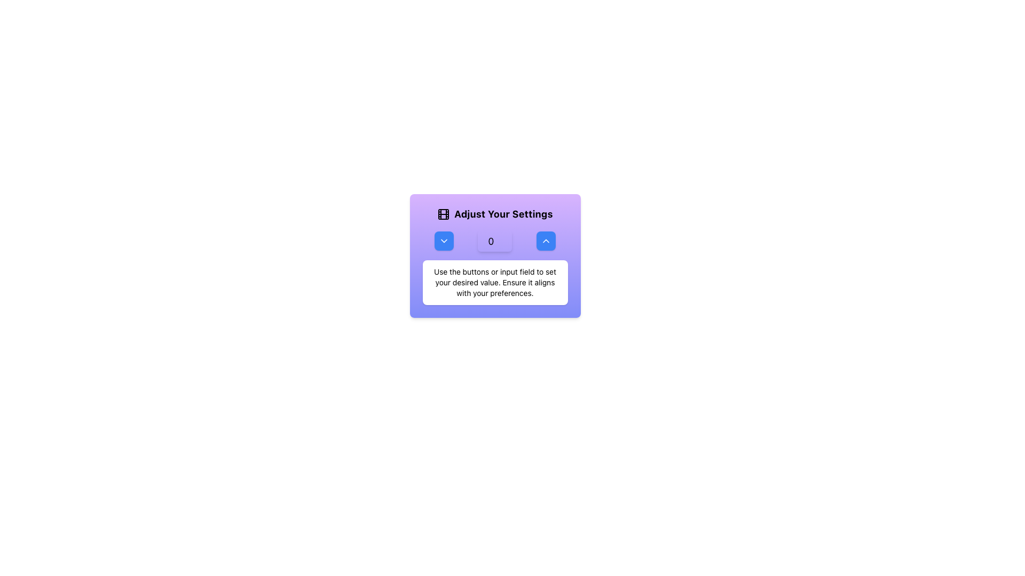  What do you see at coordinates (503, 214) in the screenshot?
I see `the bold and large static text label reading 'Adjust Your Settings' that is positioned on a purple background, located at the top of a box-like UI component` at bounding box center [503, 214].